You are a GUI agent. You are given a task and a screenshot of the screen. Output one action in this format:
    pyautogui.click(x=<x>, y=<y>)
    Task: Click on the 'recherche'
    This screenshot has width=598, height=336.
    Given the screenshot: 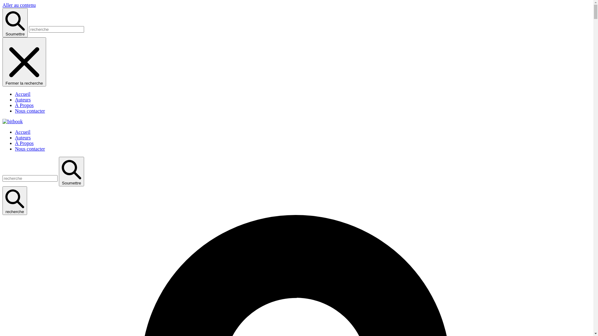 What is the action you would take?
    pyautogui.click(x=15, y=200)
    